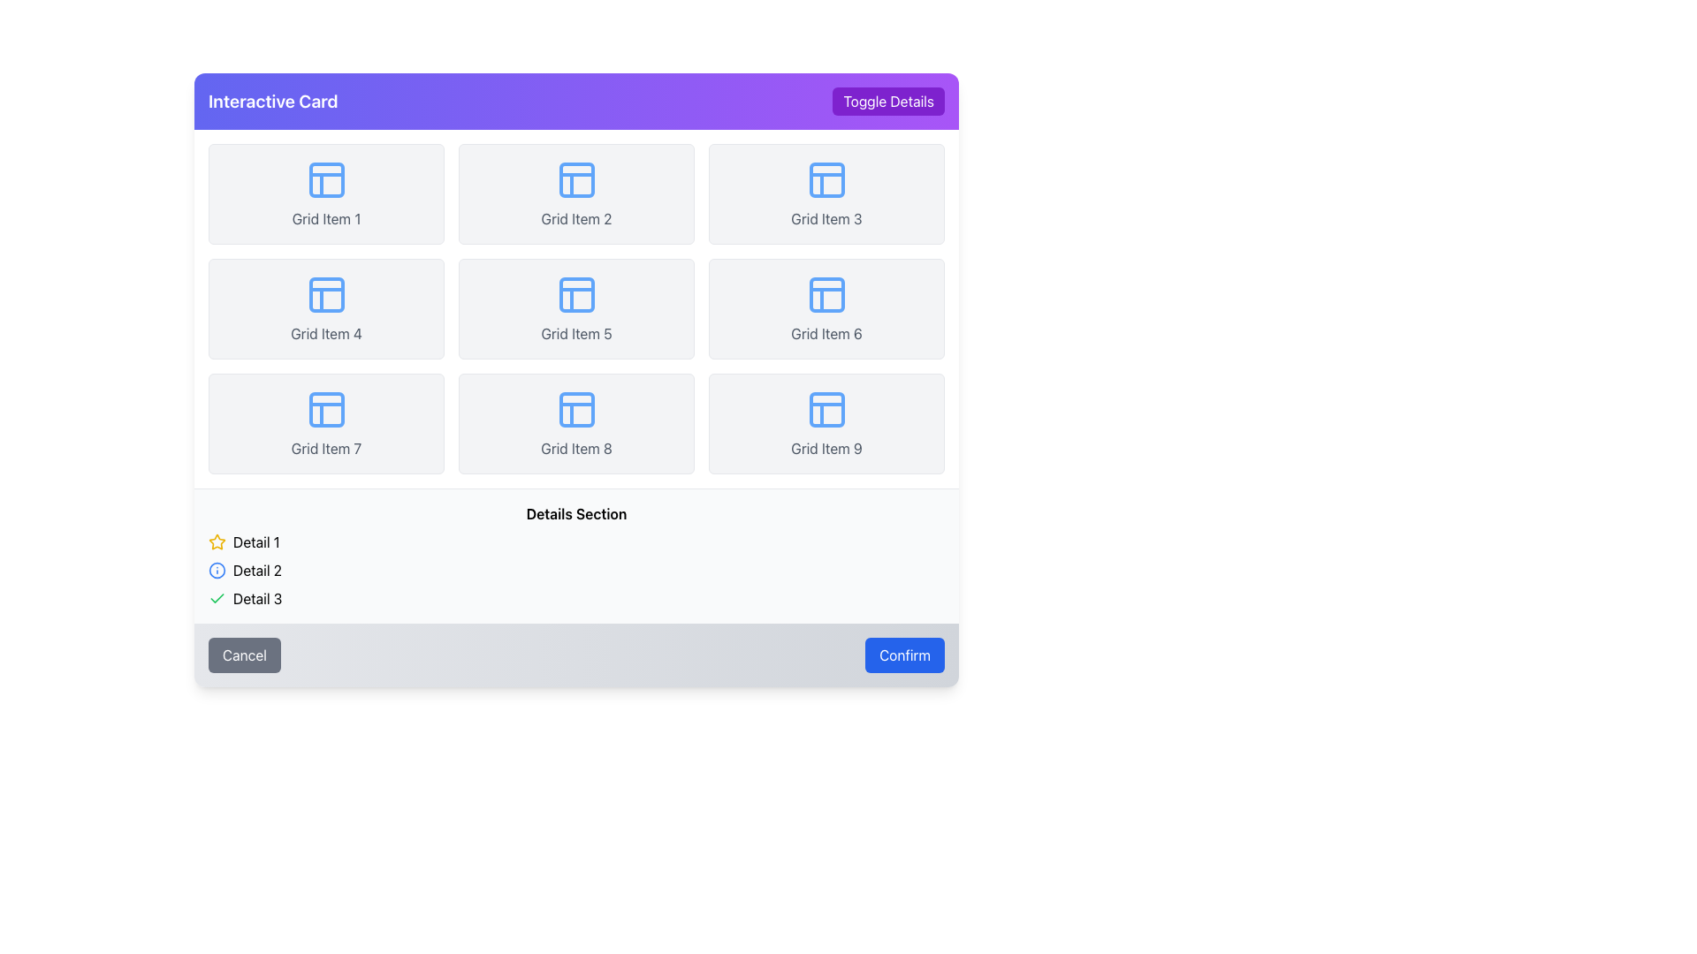 This screenshot has width=1697, height=954. What do you see at coordinates (243, 655) in the screenshot?
I see `the cancel button located at the bottom left of the interface` at bounding box center [243, 655].